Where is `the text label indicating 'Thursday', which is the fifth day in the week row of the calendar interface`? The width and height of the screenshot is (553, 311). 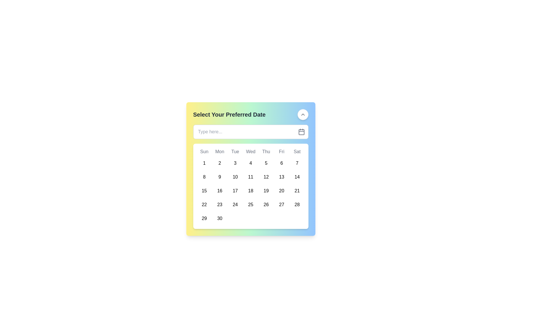
the text label indicating 'Thursday', which is the fifth day in the week row of the calendar interface is located at coordinates (266, 151).